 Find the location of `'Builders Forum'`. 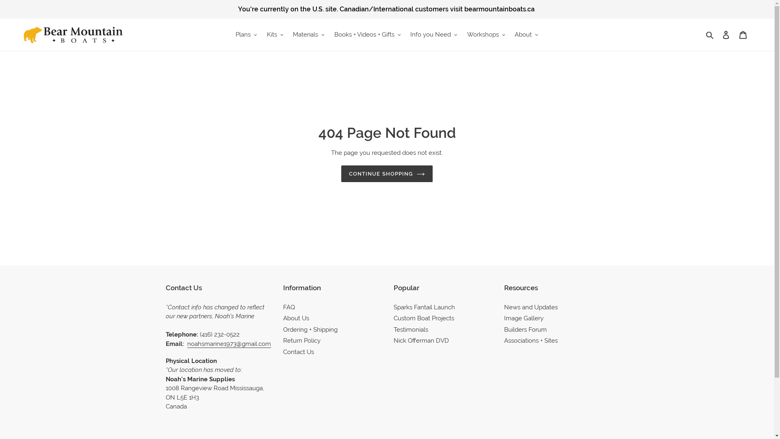

'Builders Forum' is located at coordinates (504, 329).